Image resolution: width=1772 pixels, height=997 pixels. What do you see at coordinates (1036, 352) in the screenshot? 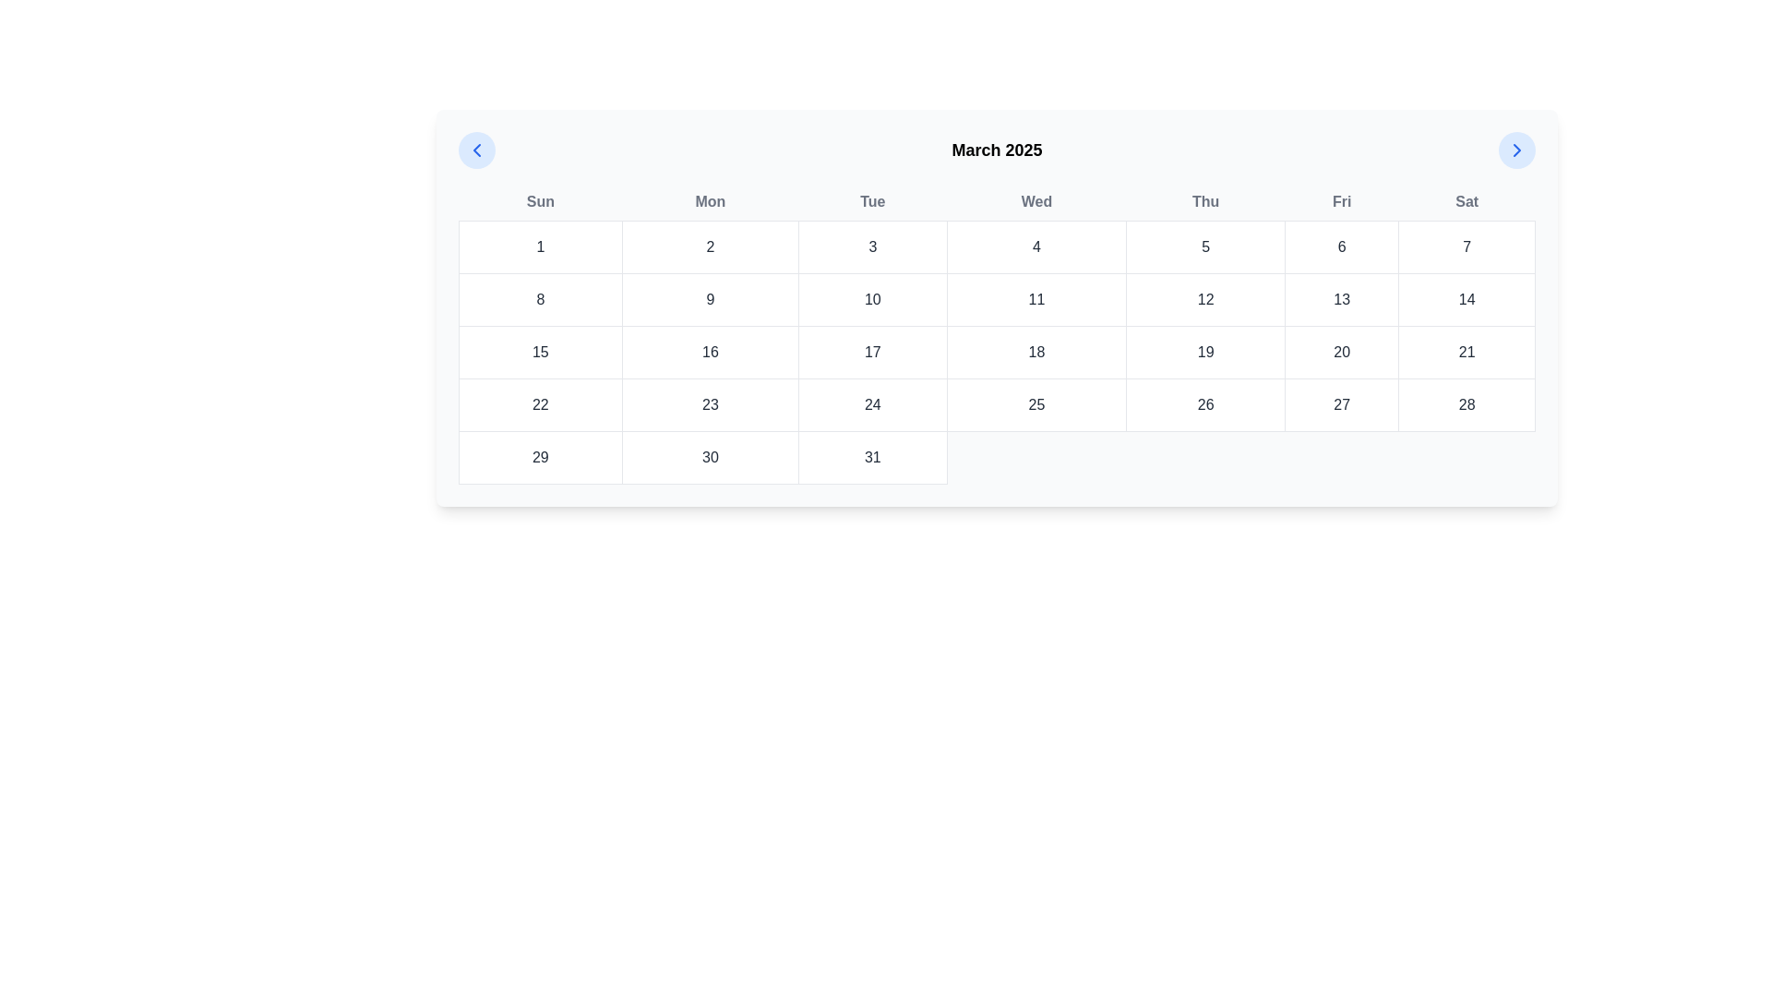
I see `the calendar cell representing a specific date in the fourth column of the third row` at bounding box center [1036, 352].